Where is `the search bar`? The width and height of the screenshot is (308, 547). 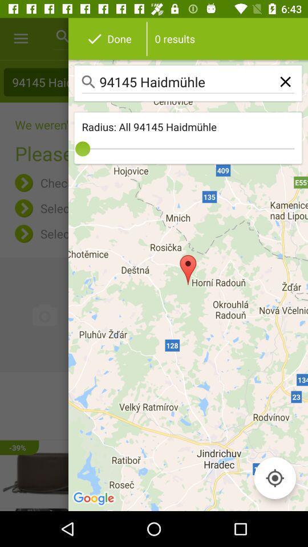 the search bar is located at coordinates (188, 83).